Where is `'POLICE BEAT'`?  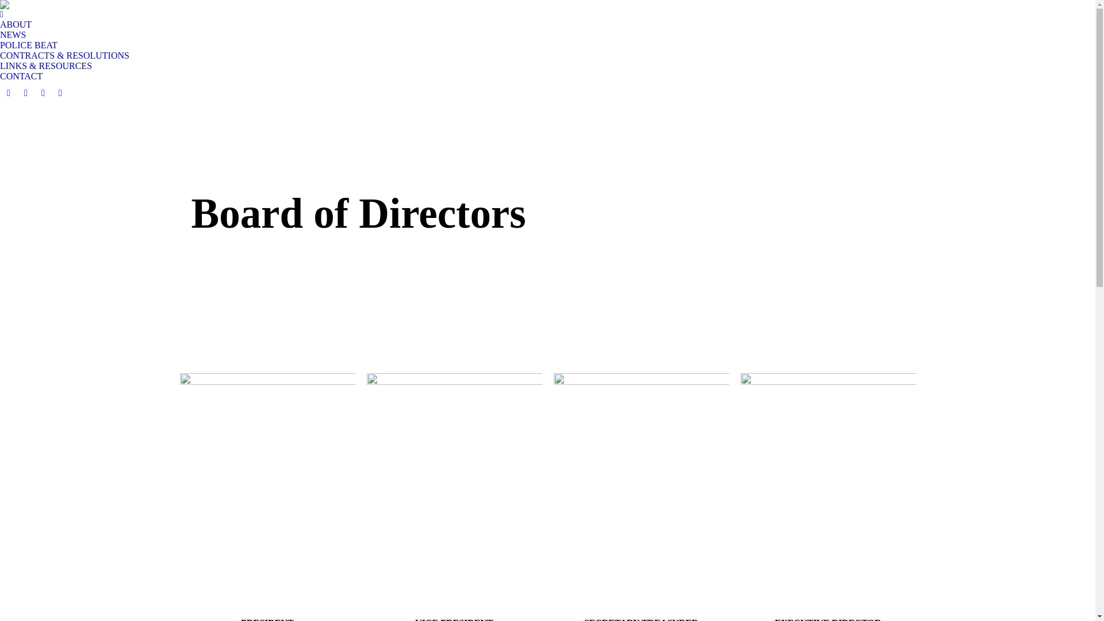 'POLICE BEAT' is located at coordinates (28, 44).